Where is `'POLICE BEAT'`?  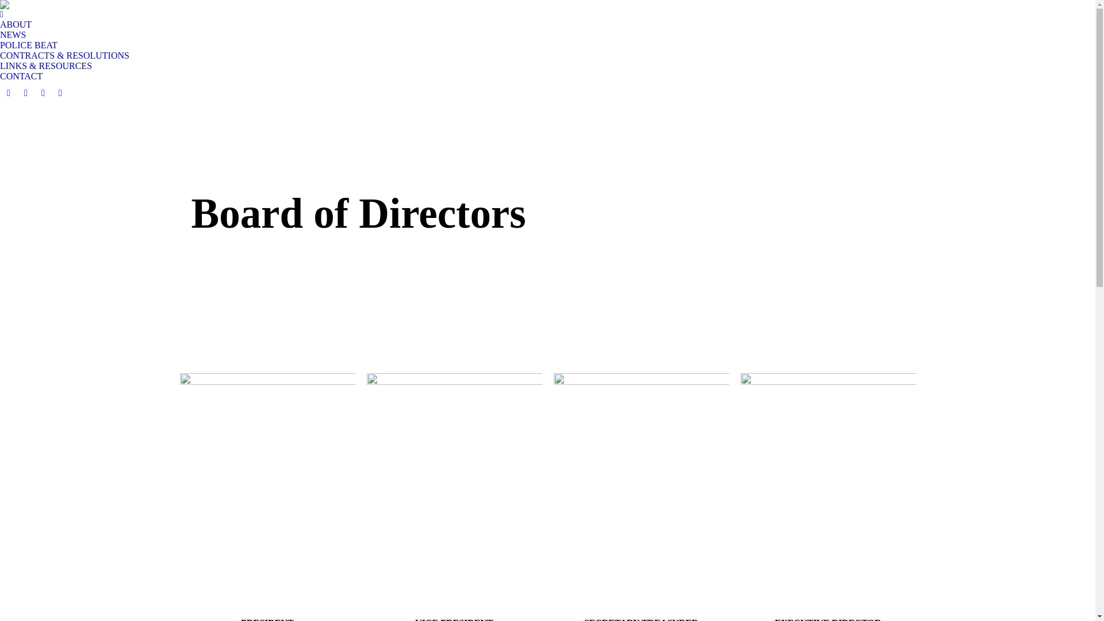 'POLICE BEAT' is located at coordinates (28, 44).